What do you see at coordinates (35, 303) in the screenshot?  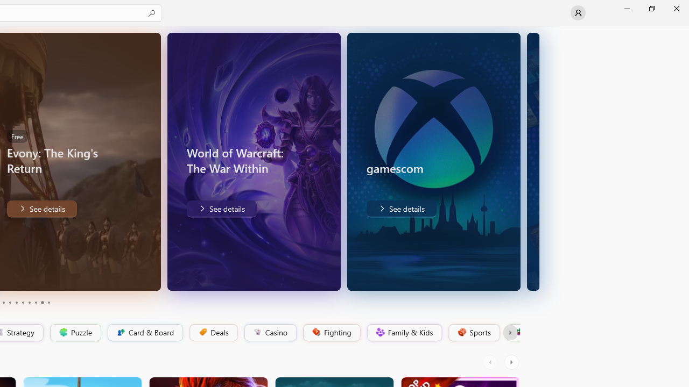 I see `'Page 8'` at bounding box center [35, 303].